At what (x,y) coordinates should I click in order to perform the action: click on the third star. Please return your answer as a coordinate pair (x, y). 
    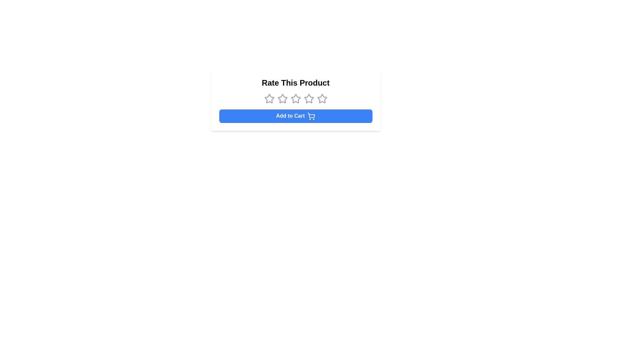
    Looking at the image, I should click on (295, 99).